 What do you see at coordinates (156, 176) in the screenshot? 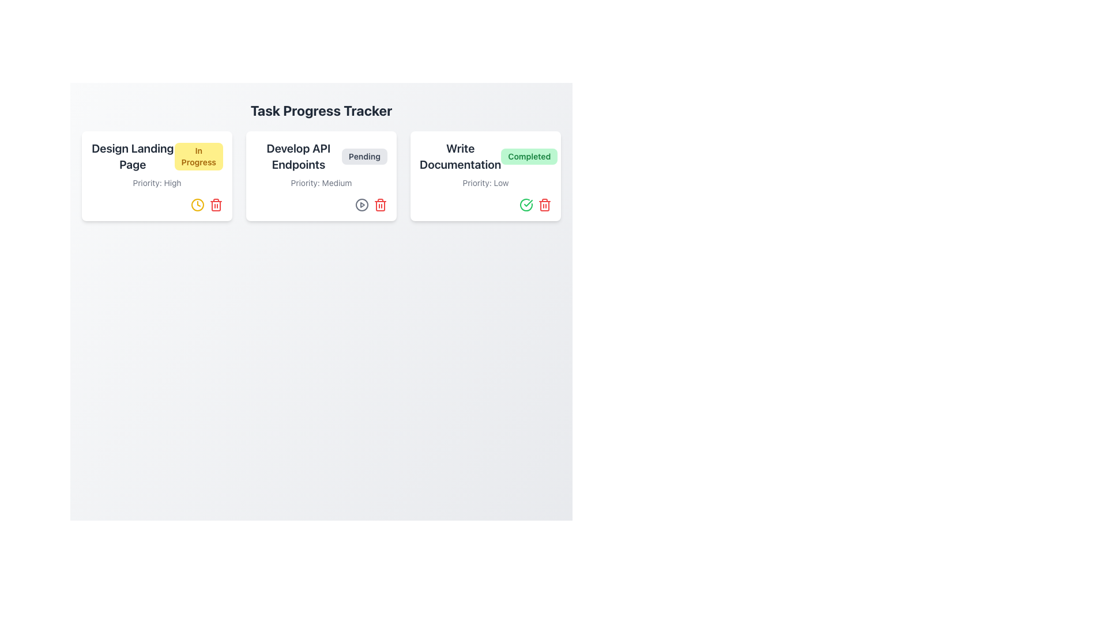
I see `text content of the task details card located in the leftmost column above the 'Task Progress Tracker' text` at bounding box center [156, 176].